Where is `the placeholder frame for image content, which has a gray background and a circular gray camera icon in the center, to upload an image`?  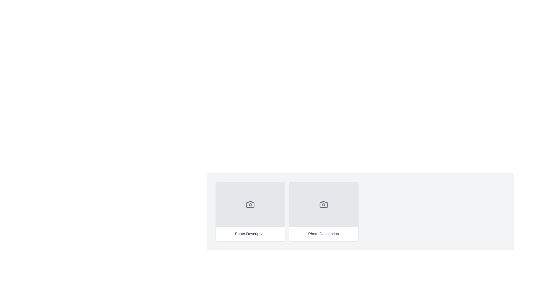
the placeholder frame for image content, which has a gray background and a circular gray camera icon in the center, to upload an image is located at coordinates (323, 204).